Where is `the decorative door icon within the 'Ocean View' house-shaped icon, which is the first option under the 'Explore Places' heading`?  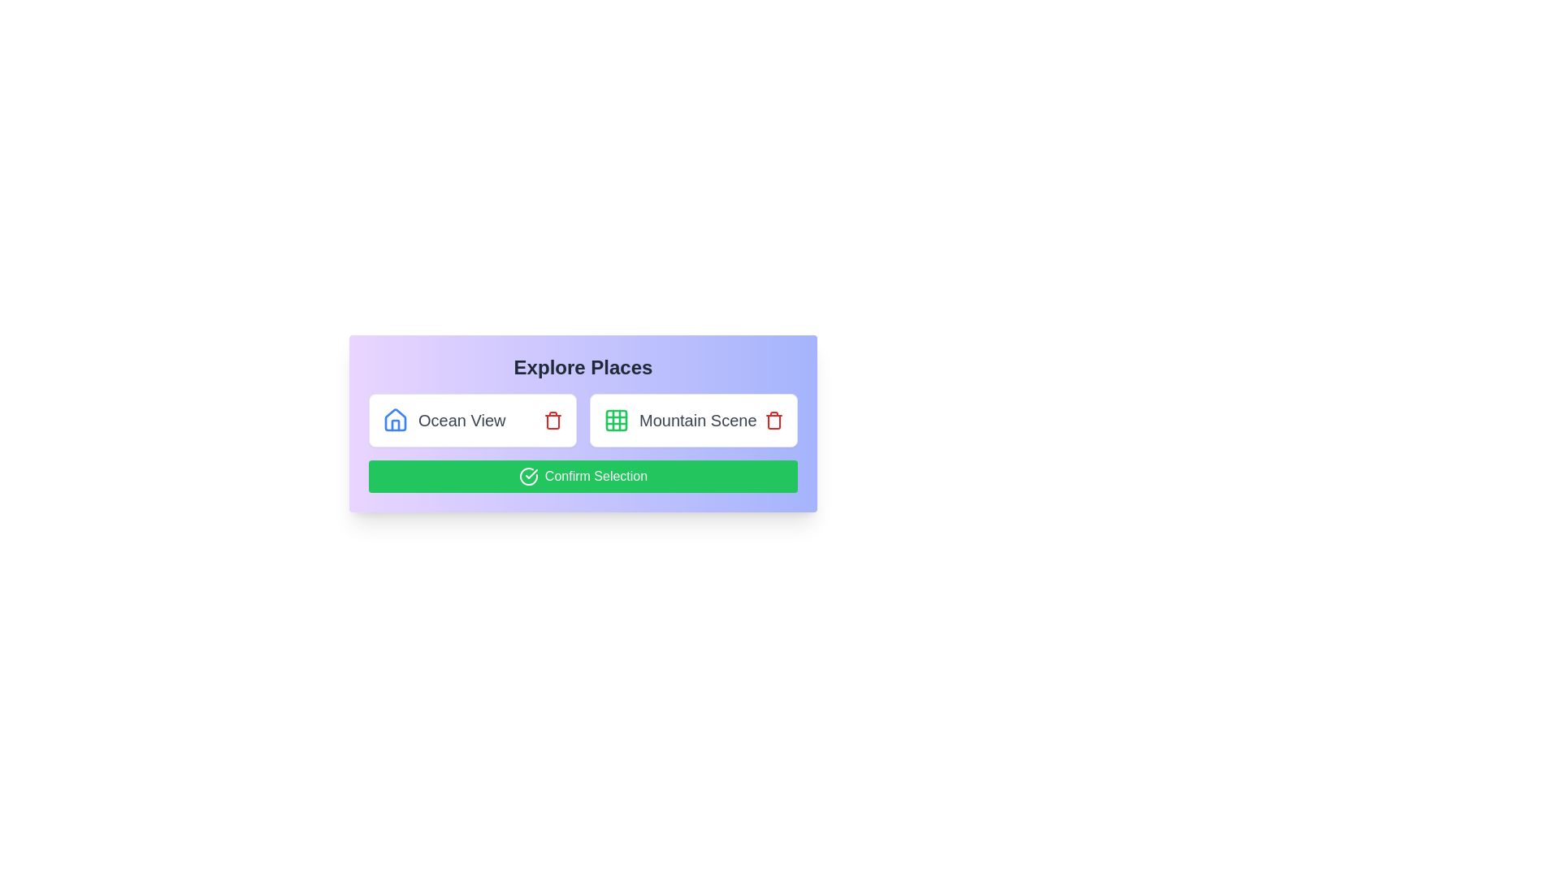 the decorative door icon within the 'Ocean View' house-shaped icon, which is the first option under the 'Explore Places' heading is located at coordinates (395, 425).